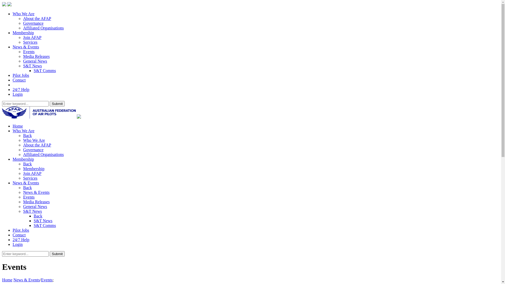 The image size is (505, 284). Describe the element at coordinates (13, 75) in the screenshot. I see `'Pilot Jobs'` at that location.